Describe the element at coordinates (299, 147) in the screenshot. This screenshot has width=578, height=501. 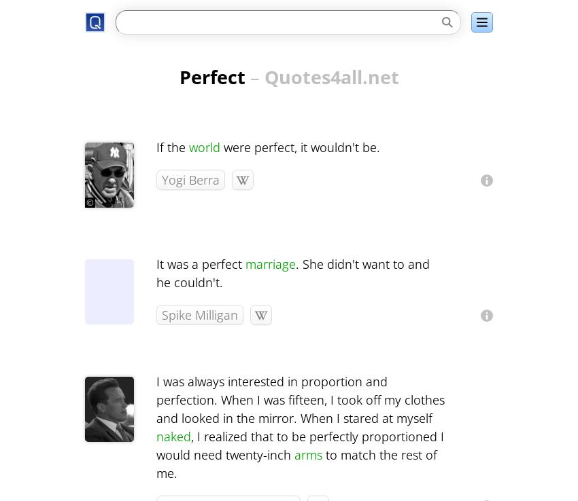
I see `'were perfect, it wouldn't be.'` at that location.